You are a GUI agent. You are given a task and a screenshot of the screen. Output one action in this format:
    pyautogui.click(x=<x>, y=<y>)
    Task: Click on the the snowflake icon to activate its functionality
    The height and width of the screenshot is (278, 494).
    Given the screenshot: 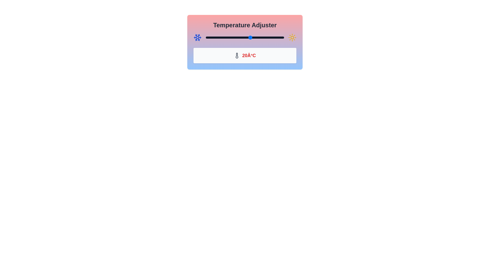 What is the action you would take?
    pyautogui.click(x=197, y=37)
    